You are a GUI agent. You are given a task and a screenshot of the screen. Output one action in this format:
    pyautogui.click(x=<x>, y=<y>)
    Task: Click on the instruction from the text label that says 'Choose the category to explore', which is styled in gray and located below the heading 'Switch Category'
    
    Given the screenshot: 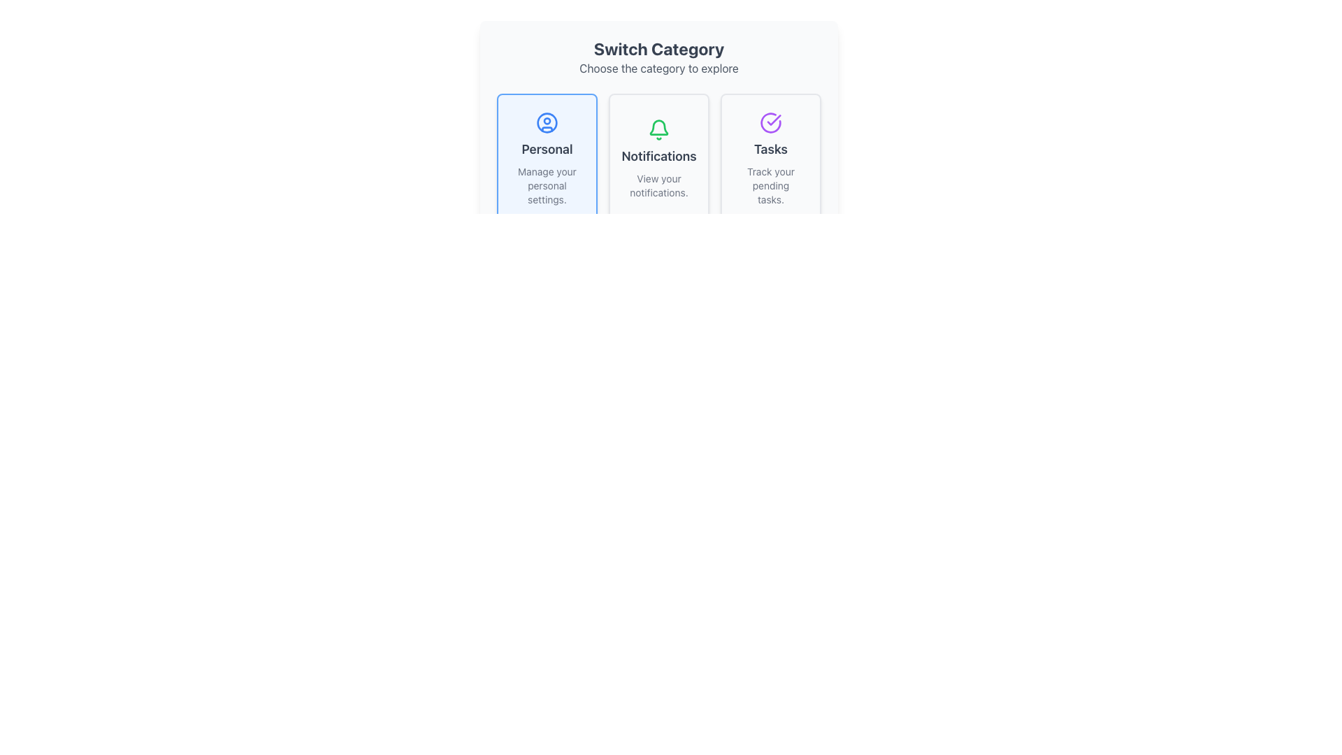 What is the action you would take?
    pyautogui.click(x=658, y=68)
    